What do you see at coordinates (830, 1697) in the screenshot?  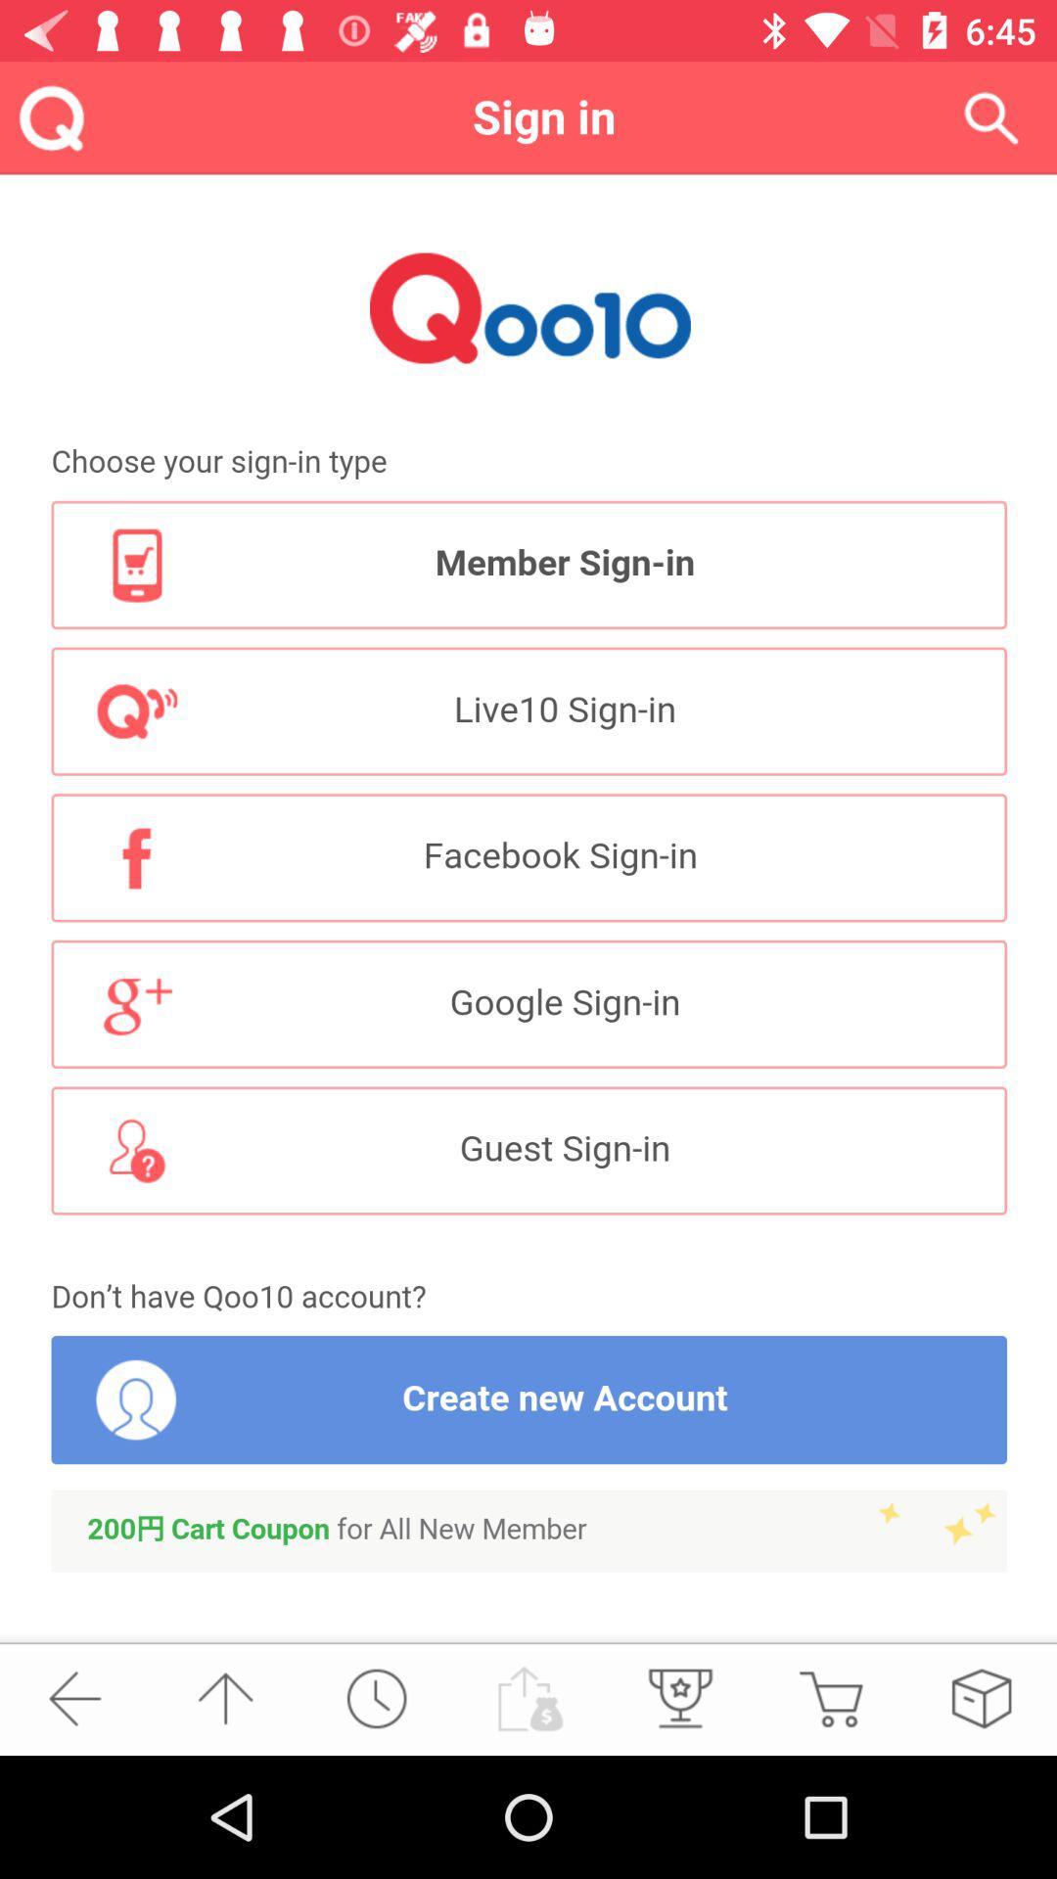 I see `the cart icon` at bounding box center [830, 1697].